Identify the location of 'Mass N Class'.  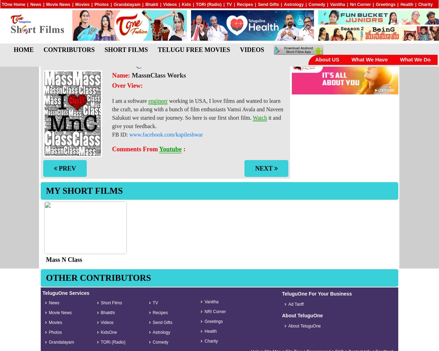
(64, 259).